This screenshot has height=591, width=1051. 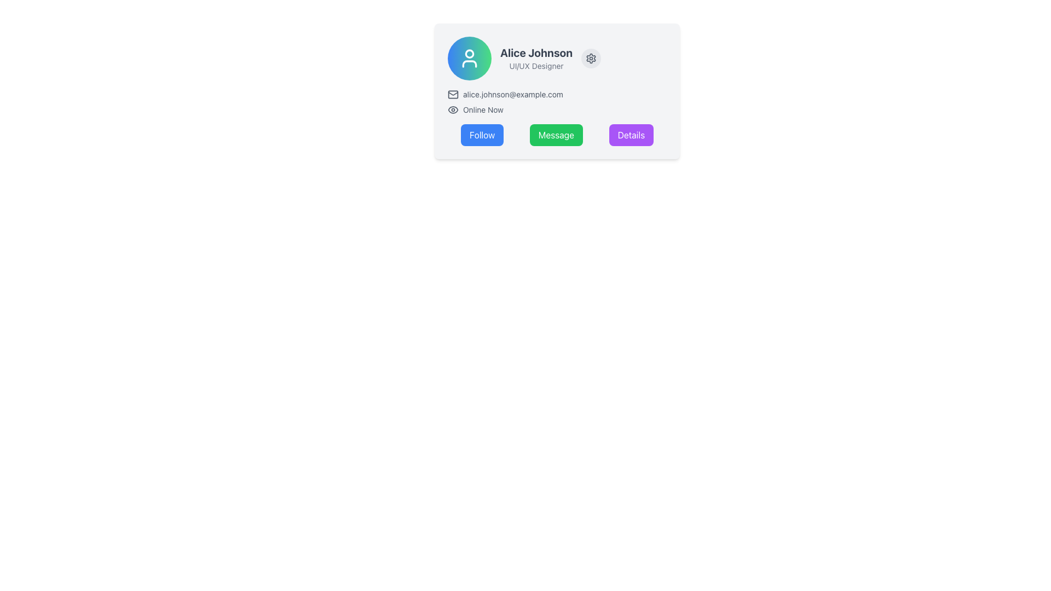 I want to click on the green 'Message' button located at the bottom of the UI card for user profile 'Alice Johnson', so click(x=557, y=134).